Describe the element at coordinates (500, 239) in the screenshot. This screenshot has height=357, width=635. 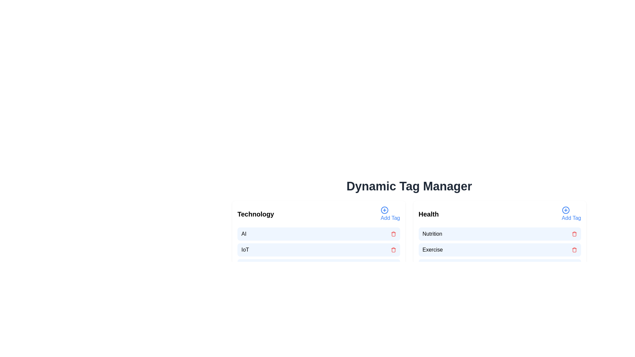
I see `the tags in the categorized tag management card labeled 'Health'` at that location.